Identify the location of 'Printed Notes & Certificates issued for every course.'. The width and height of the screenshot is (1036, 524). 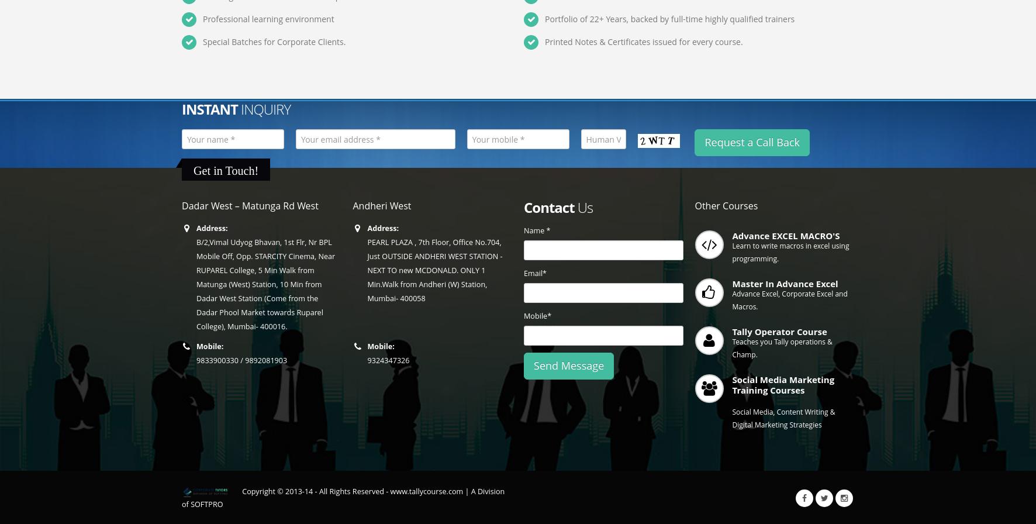
(643, 42).